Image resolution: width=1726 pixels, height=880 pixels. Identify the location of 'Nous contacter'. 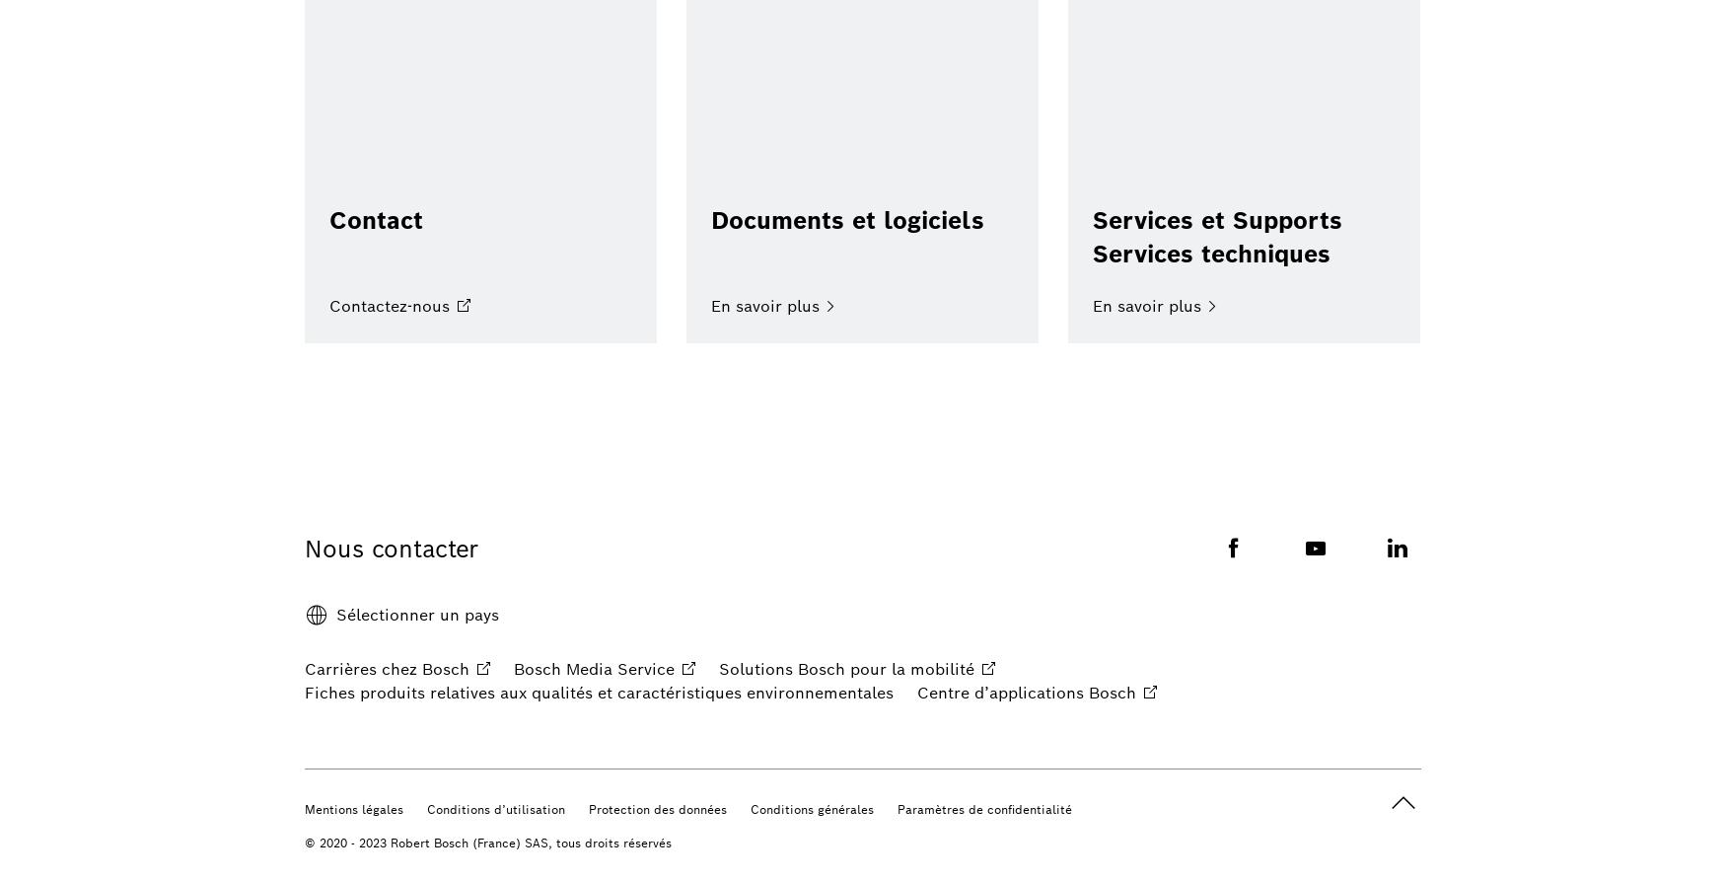
(391, 549).